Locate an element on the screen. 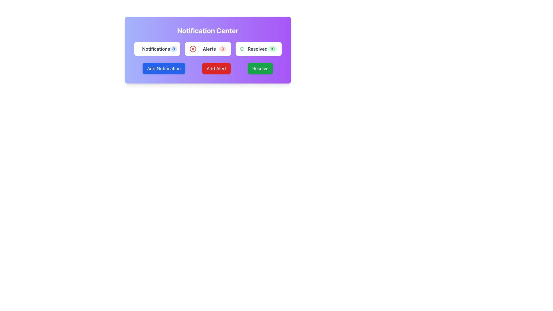 The width and height of the screenshot is (553, 311). the green checkmark icon within the 'Resolved10' segment of the notification center interface, located to the left of the label 'Resolved' is located at coordinates (242, 48).